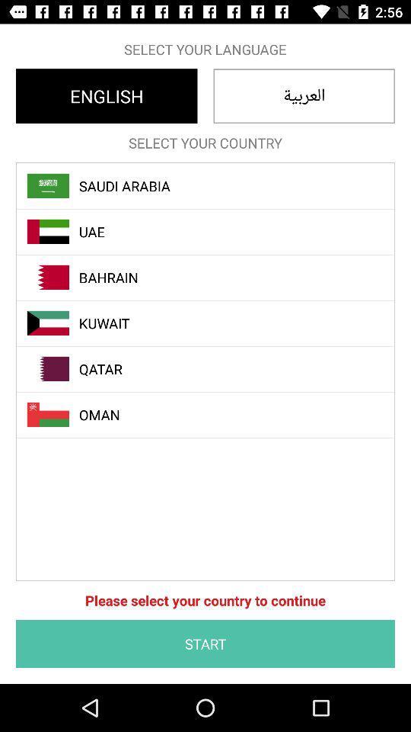 The image size is (411, 732). Describe the element at coordinates (205, 643) in the screenshot. I see `start` at that location.